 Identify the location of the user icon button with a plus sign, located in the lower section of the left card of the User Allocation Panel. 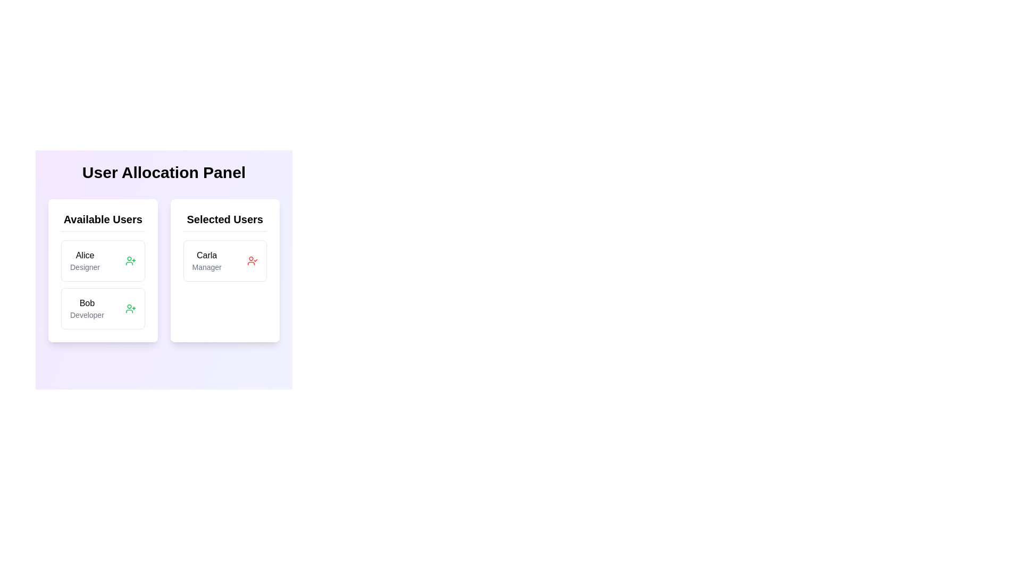
(130, 309).